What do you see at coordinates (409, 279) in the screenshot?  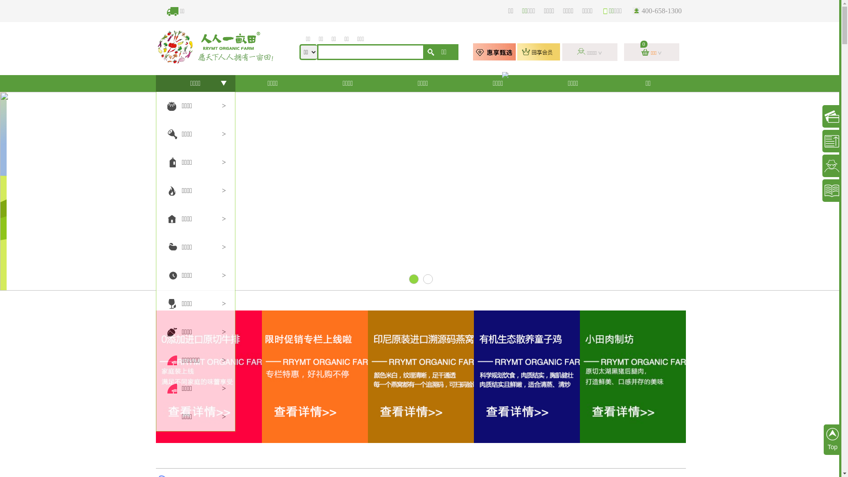 I see `'1'` at bounding box center [409, 279].